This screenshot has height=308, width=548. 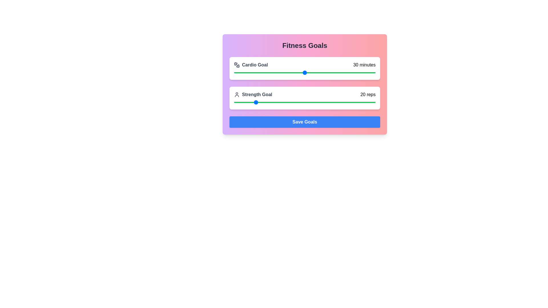 What do you see at coordinates (291, 72) in the screenshot?
I see `the cardio goal` at bounding box center [291, 72].